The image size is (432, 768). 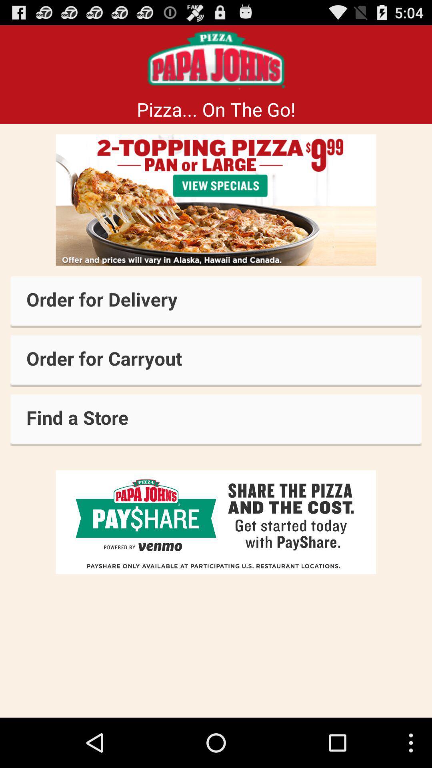 What do you see at coordinates (216, 420) in the screenshot?
I see `find a store icon` at bounding box center [216, 420].